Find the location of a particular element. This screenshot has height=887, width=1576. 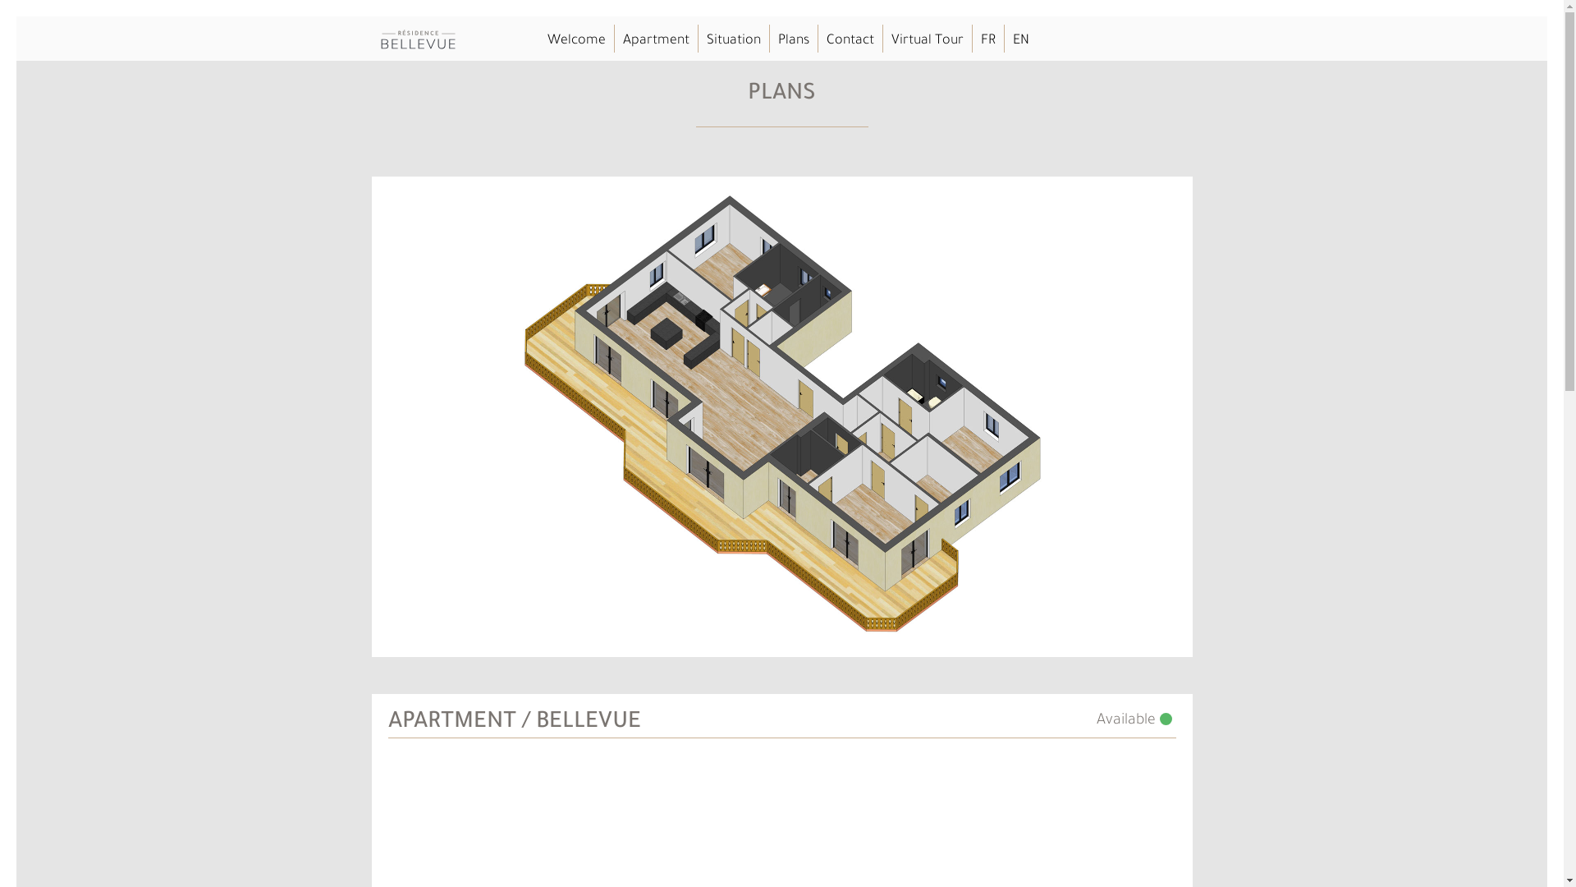

'Situation' is located at coordinates (705, 40).